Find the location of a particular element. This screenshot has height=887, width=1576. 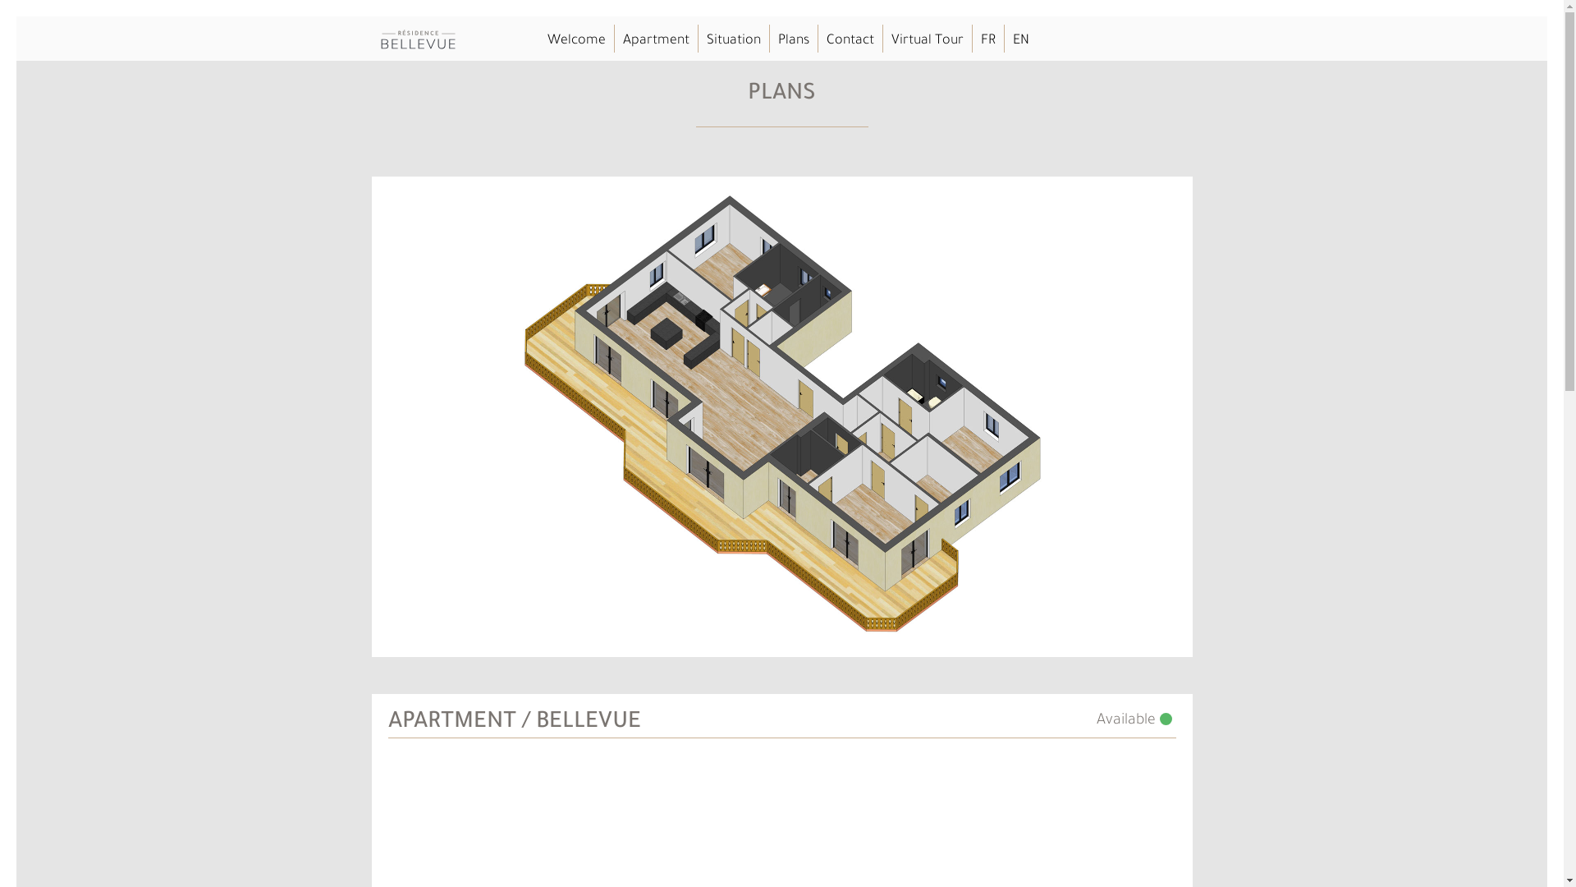

'Situation' is located at coordinates (705, 40).